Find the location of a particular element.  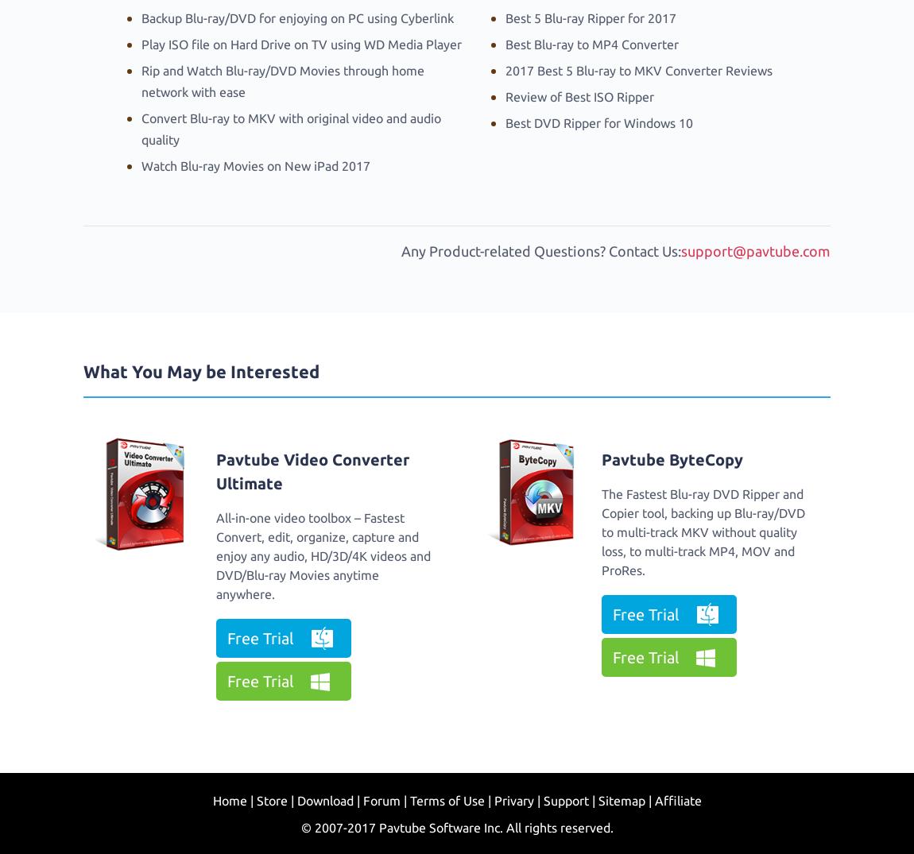

'Best 5 Blu-ray Ripper for 2017' is located at coordinates (591, 17).